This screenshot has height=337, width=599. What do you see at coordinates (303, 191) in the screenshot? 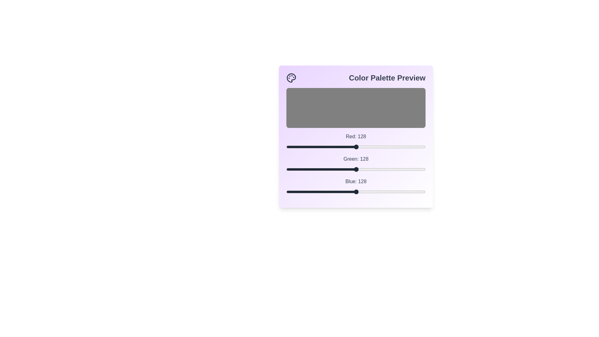
I see `the blue component` at bounding box center [303, 191].